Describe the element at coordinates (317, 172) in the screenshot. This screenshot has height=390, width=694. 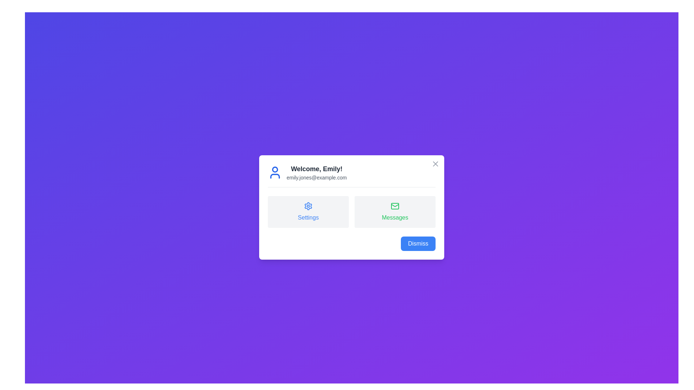
I see `user identifier and personal greeting text located in the upper left region of the card overlay, positioned to the right of the user avatar icon` at that location.